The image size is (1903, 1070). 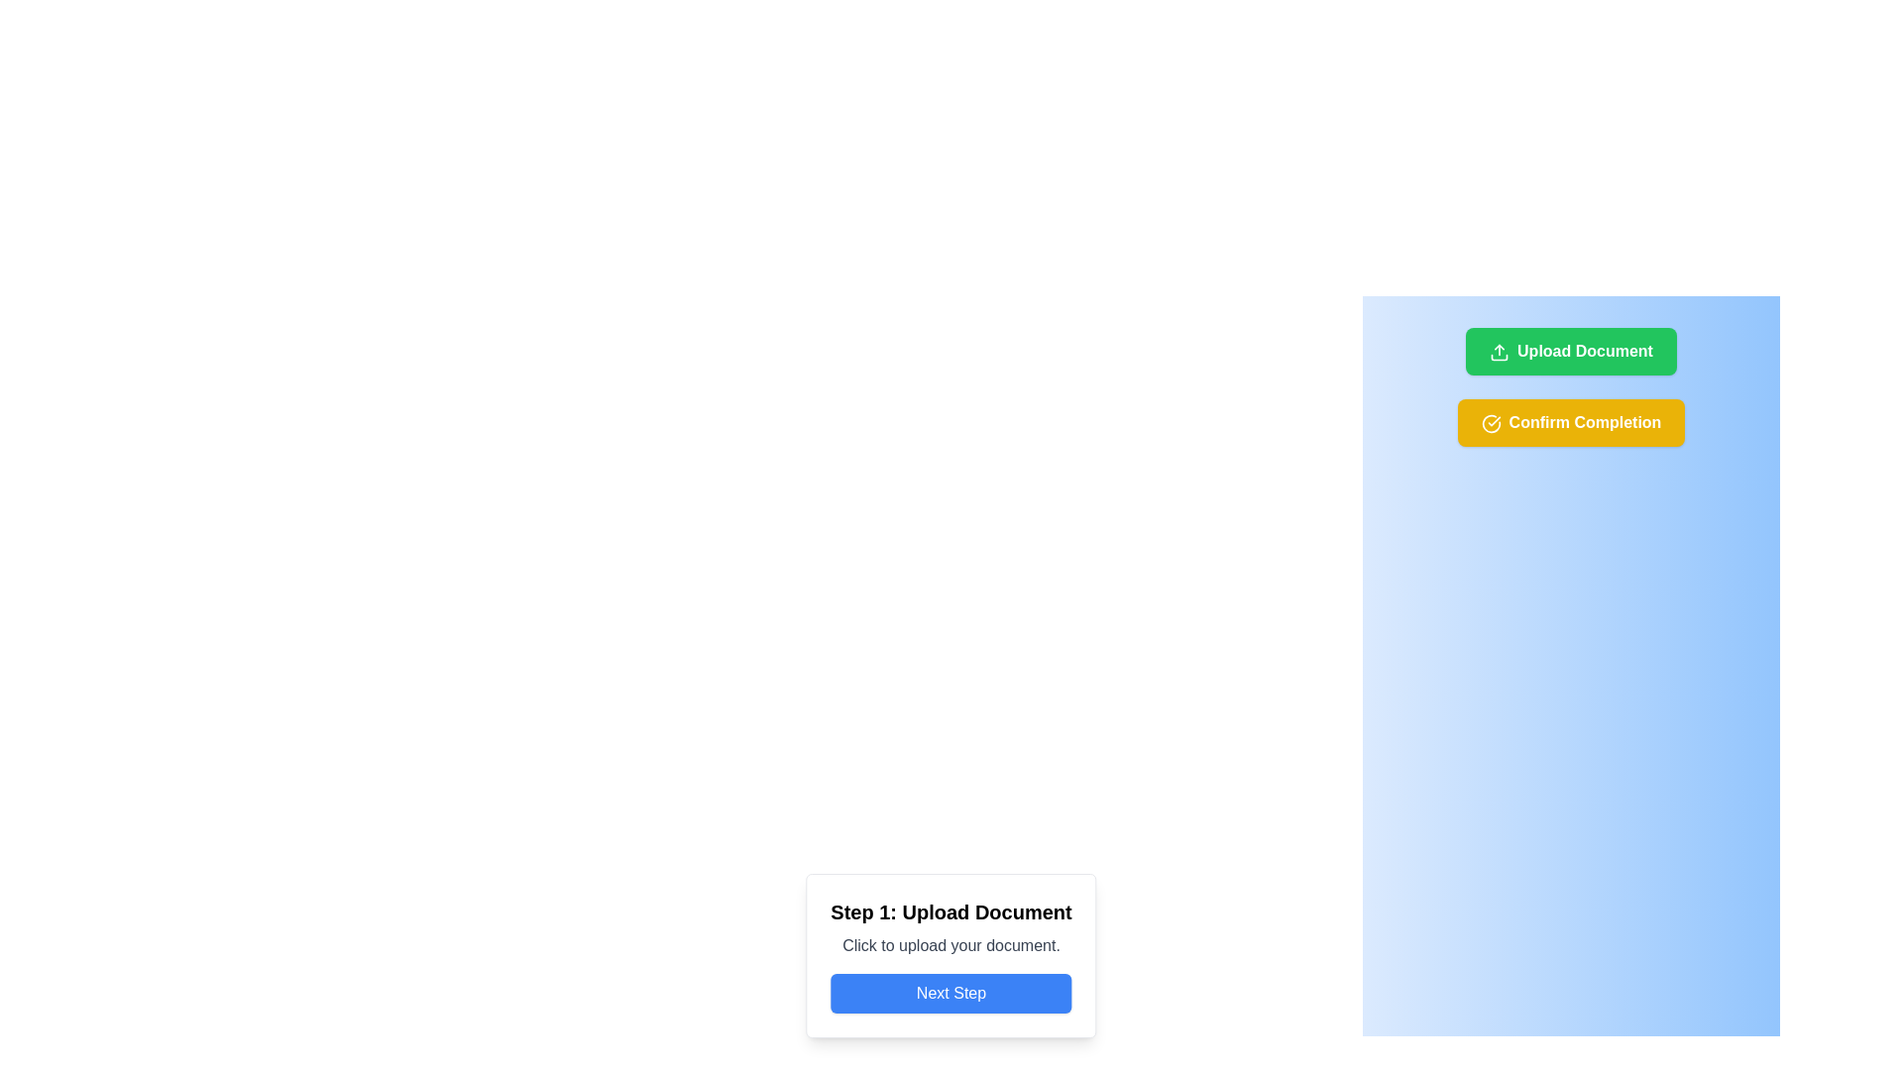 What do you see at coordinates (1491, 422) in the screenshot?
I see `the visual state of the confirmation icon located to the left of the 'Confirm Completion' label within the yellow button` at bounding box center [1491, 422].